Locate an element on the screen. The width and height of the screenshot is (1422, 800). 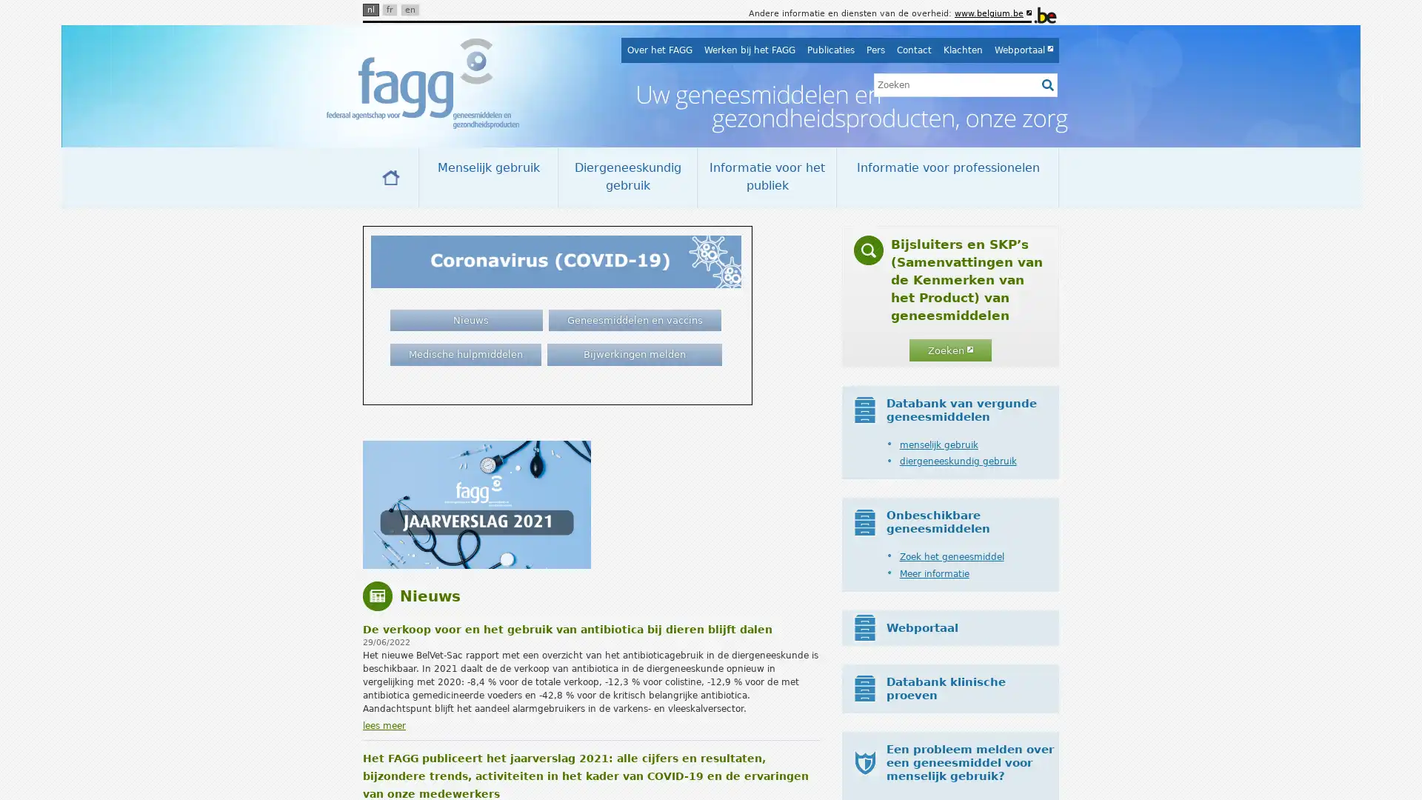
Nieuws is located at coordinates (465, 319).